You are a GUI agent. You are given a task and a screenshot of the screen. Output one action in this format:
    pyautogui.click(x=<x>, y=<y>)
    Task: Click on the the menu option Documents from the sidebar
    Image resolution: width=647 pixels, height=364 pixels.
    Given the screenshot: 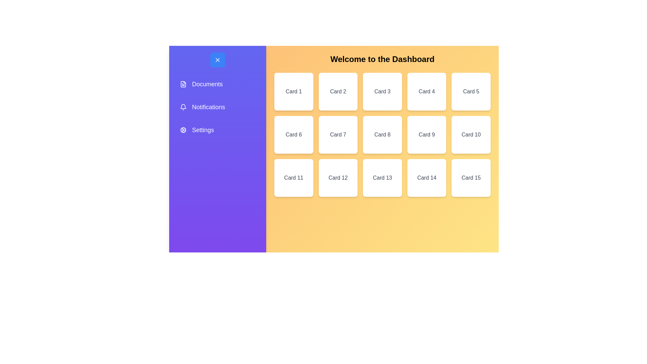 What is the action you would take?
    pyautogui.click(x=218, y=84)
    